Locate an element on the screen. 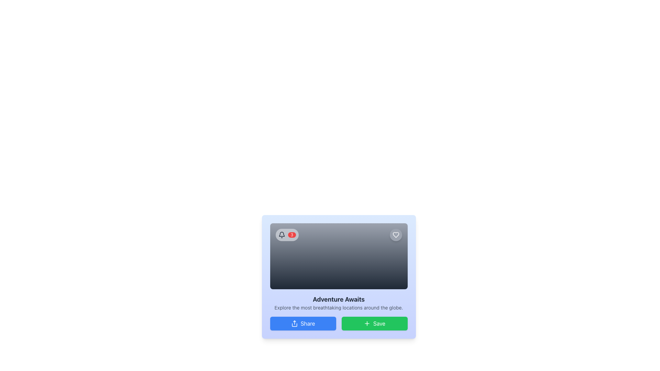 This screenshot has width=660, height=371. the share icon located within the blue 'Share' button at the bottom-left corner of a card interface to share content is located at coordinates (294, 323).